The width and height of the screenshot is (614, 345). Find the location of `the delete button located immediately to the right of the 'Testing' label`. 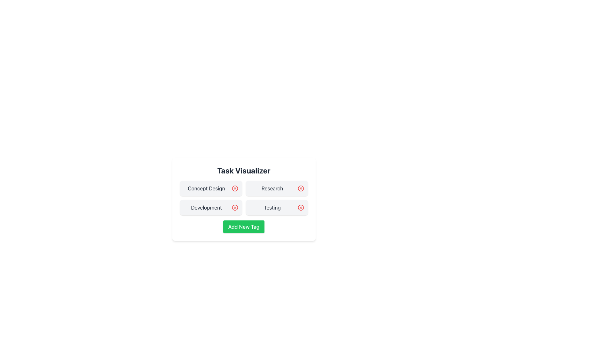

the delete button located immediately to the right of the 'Testing' label is located at coordinates (300, 208).